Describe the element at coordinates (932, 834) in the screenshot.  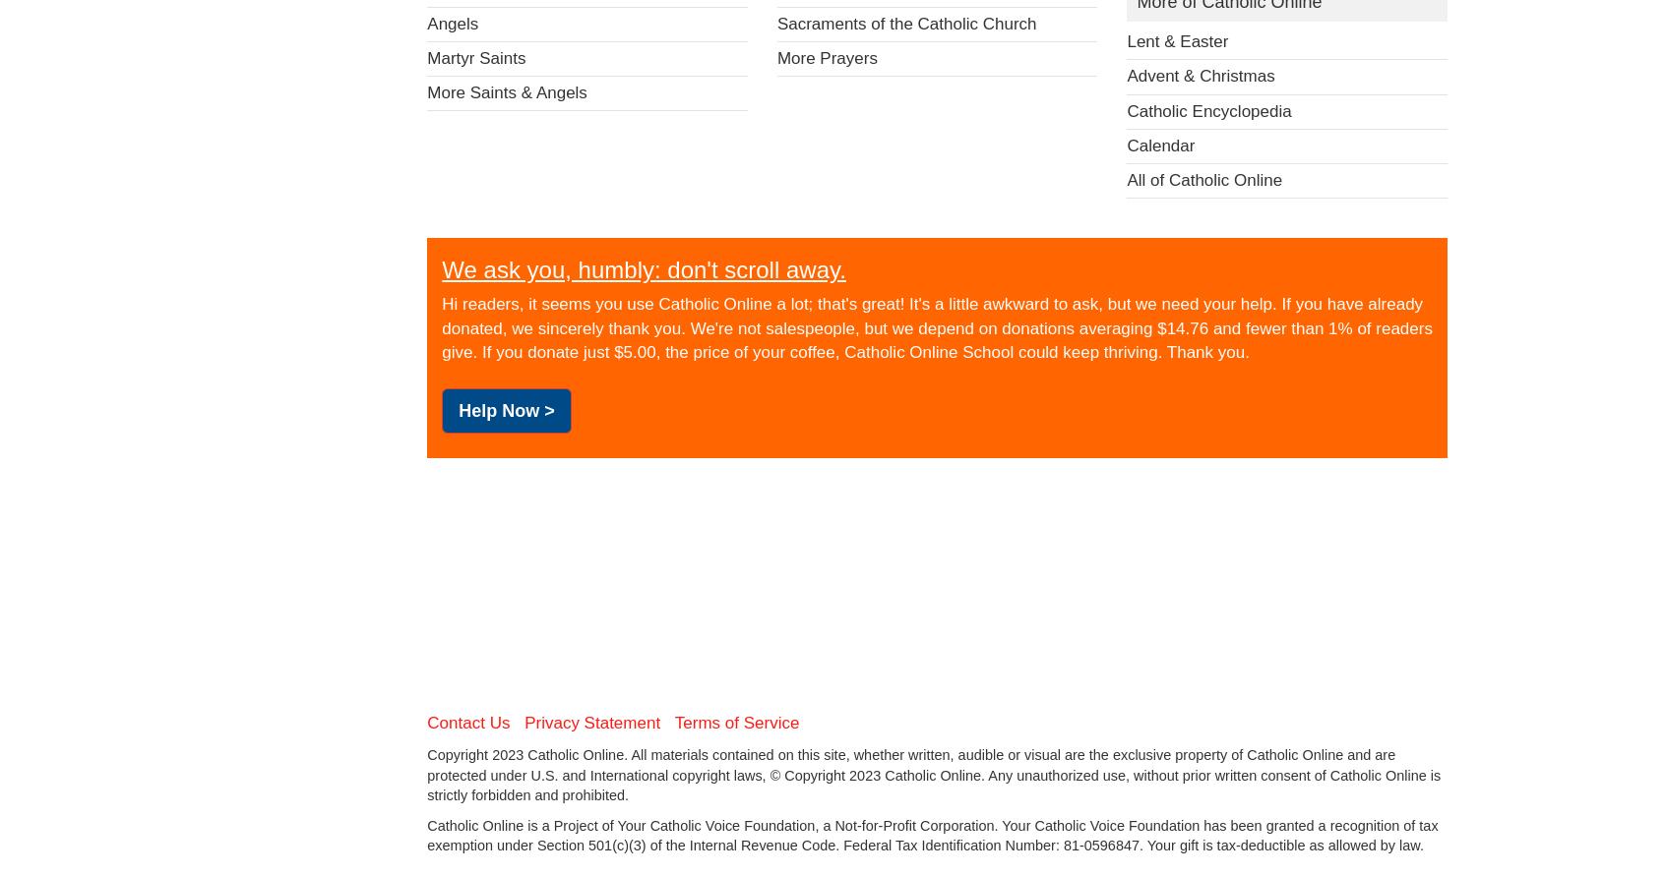
I see `'Catholic Online is a Project of Your Catholic Voice Foundation, a Not-for-Profit Corporation. Your Catholic Voice Foundation has been granted a recognition of tax exemption under Section 501(c)(3) of the Internal Revenue Code. Federal Tax Identification Number: 81-0596847. Your gift is tax-deductible as allowed by law.'` at that location.